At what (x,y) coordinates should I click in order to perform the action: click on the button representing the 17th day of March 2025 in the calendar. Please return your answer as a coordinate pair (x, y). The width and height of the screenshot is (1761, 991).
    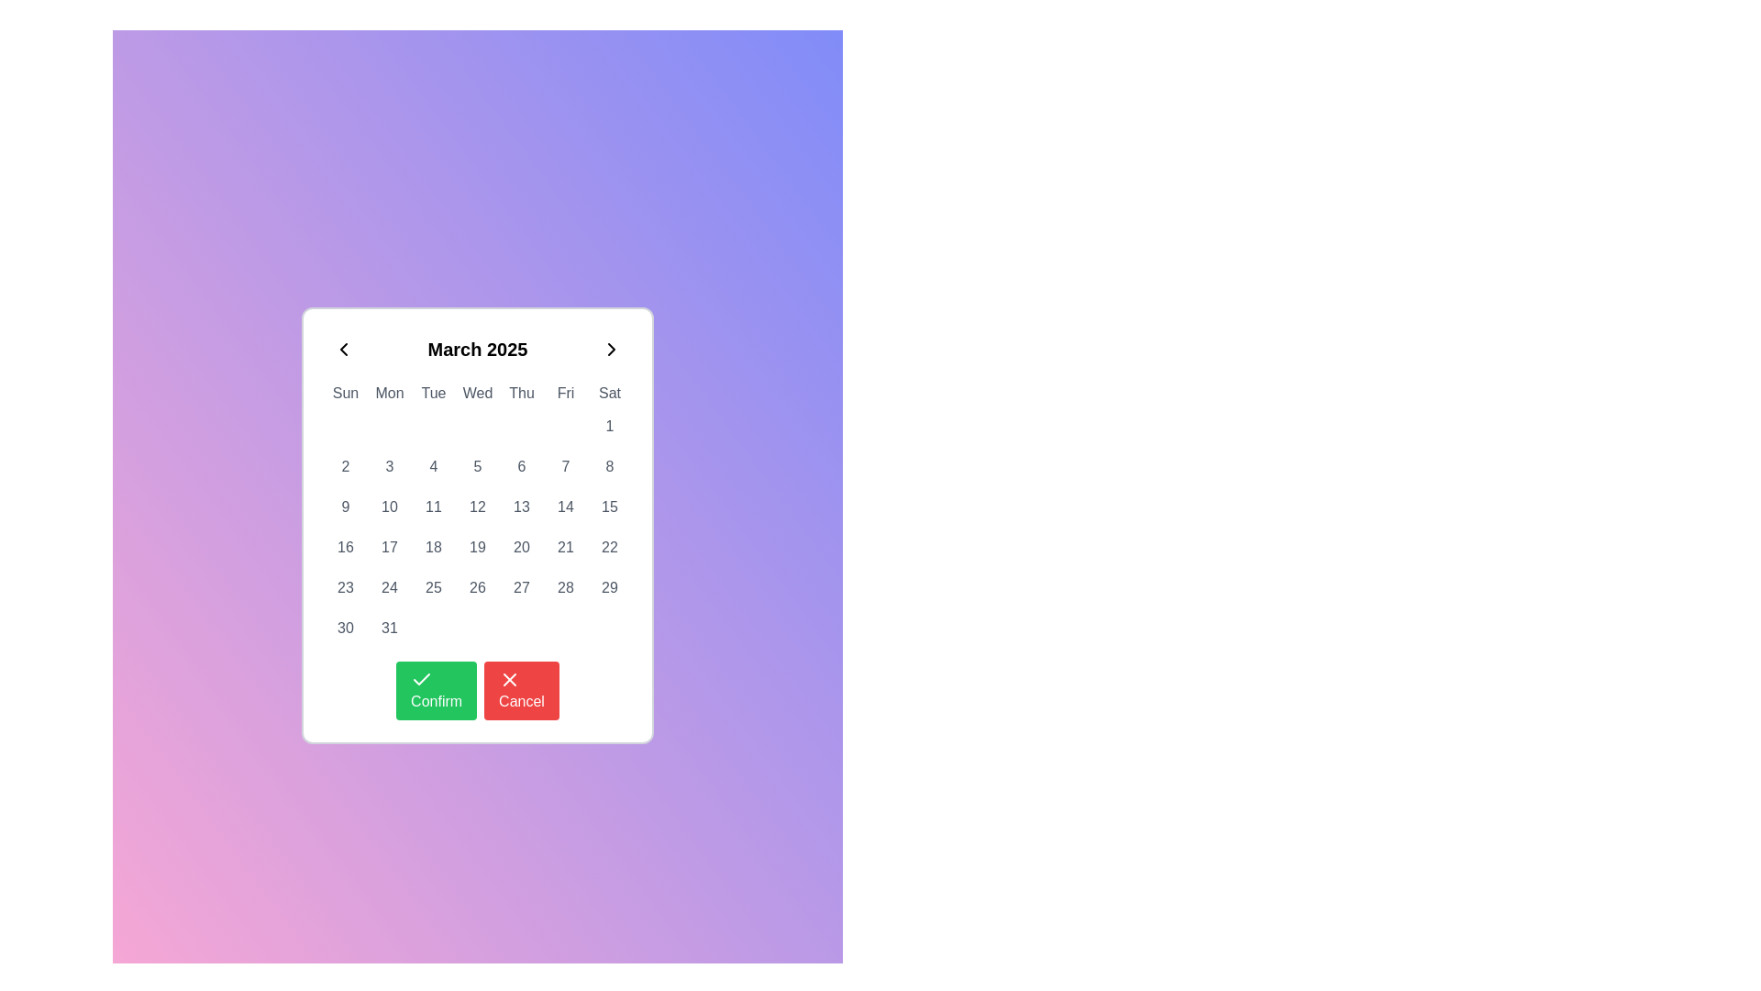
    Looking at the image, I should click on (389, 547).